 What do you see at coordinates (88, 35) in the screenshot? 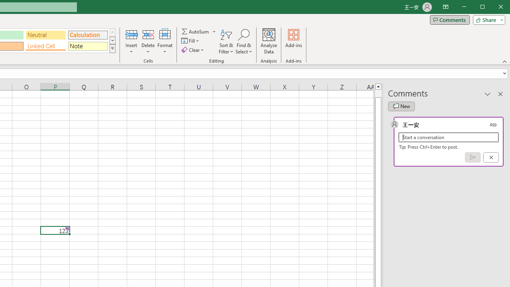
I see `'Calculation'` at bounding box center [88, 35].